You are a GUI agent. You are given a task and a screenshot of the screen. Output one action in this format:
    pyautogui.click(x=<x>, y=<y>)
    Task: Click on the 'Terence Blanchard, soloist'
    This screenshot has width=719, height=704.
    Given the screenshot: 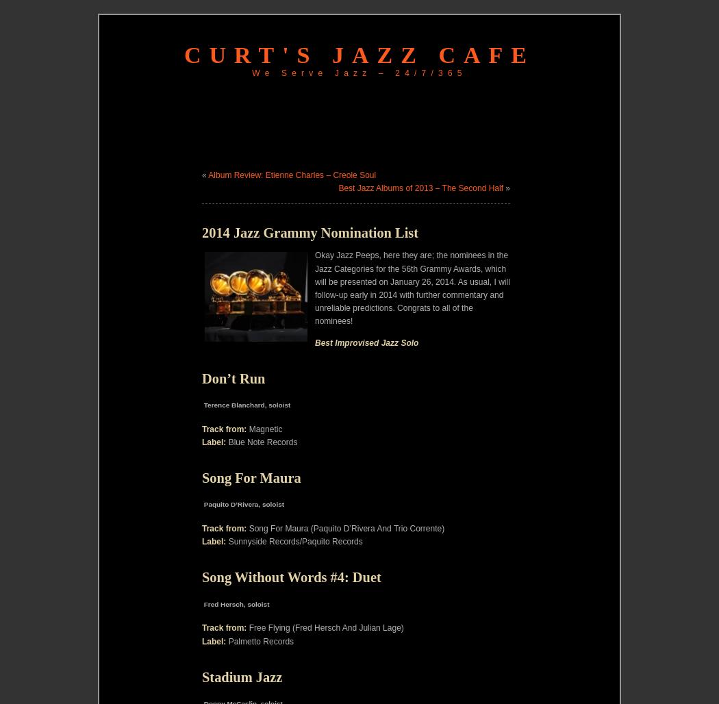 What is the action you would take?
    pyautogui.click(x=245, y=403)
    